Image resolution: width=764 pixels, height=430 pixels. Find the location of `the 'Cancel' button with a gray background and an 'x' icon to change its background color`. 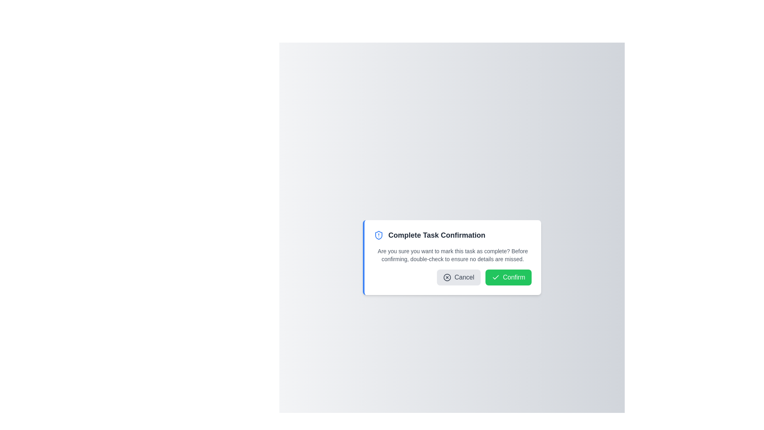

the 'Cancel' button with a gray background and an 'x' icon to change its background color is located at coordinates (459, 277).